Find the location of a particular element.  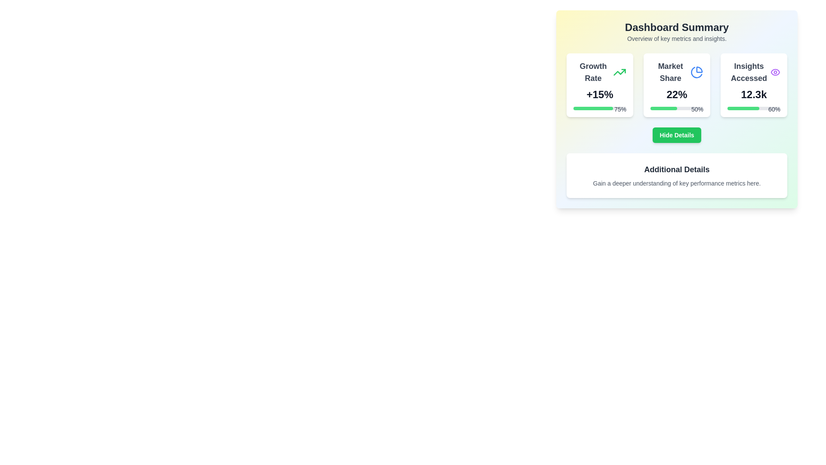

the green upward trending arrow icon located to the right of the 'Growth Rate' label in the first card of the 'Dashboard Summary' section is located at coordinates (619, 72).